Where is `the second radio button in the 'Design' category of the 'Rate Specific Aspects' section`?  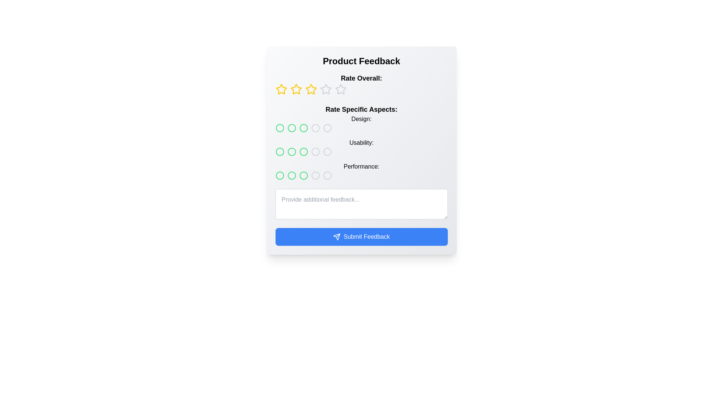
the second radio button in the 'Design' category of the 'Rate Specific Aspects' section is located at coordinates (291, 127).